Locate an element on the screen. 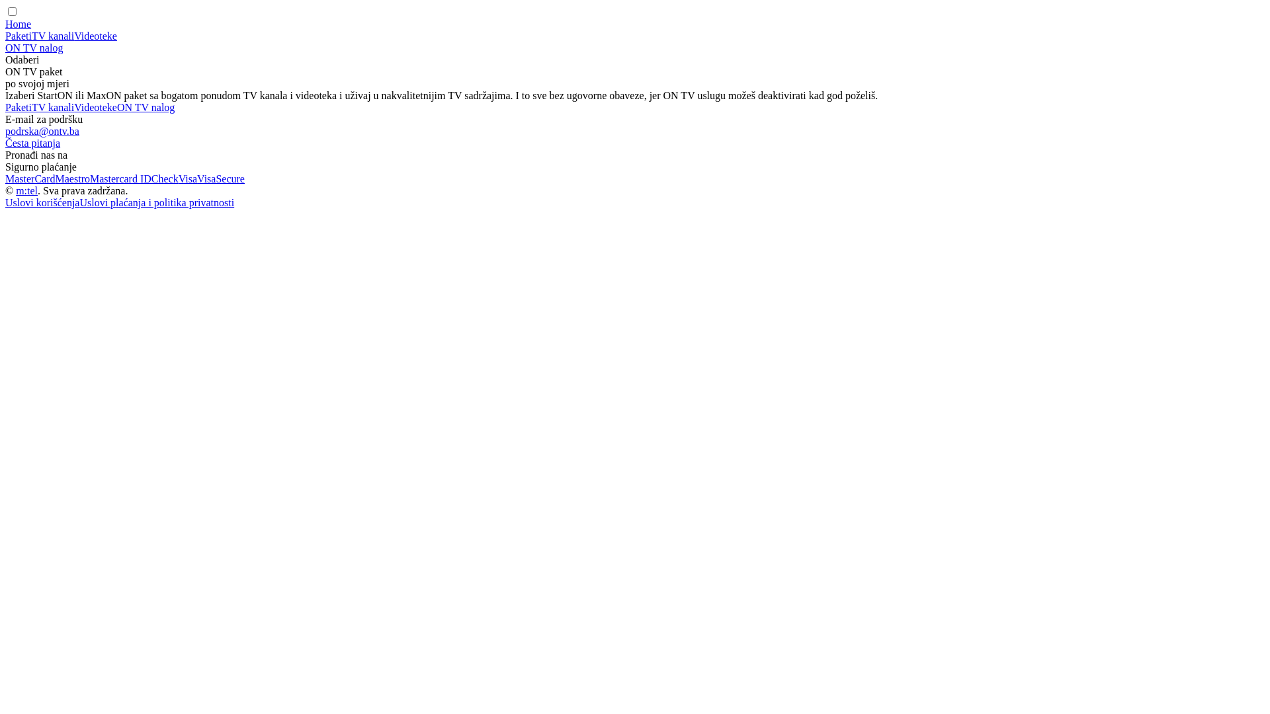 The width and height of the screenshot is (1270, 714). 'Home' is located at coordinates (18, 24).